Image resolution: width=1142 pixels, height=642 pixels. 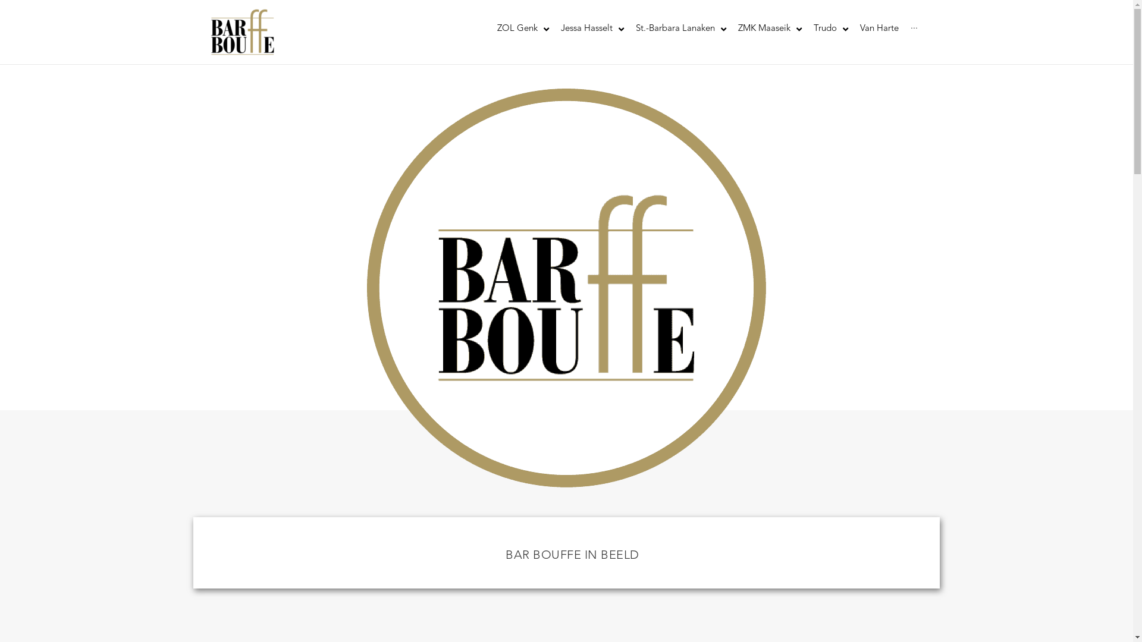 I want to click on 'ZOL Genk', so click(x=523, y=29).